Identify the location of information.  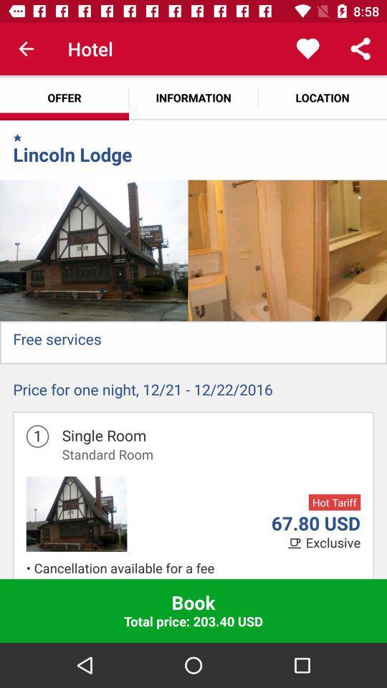
(193, 97).